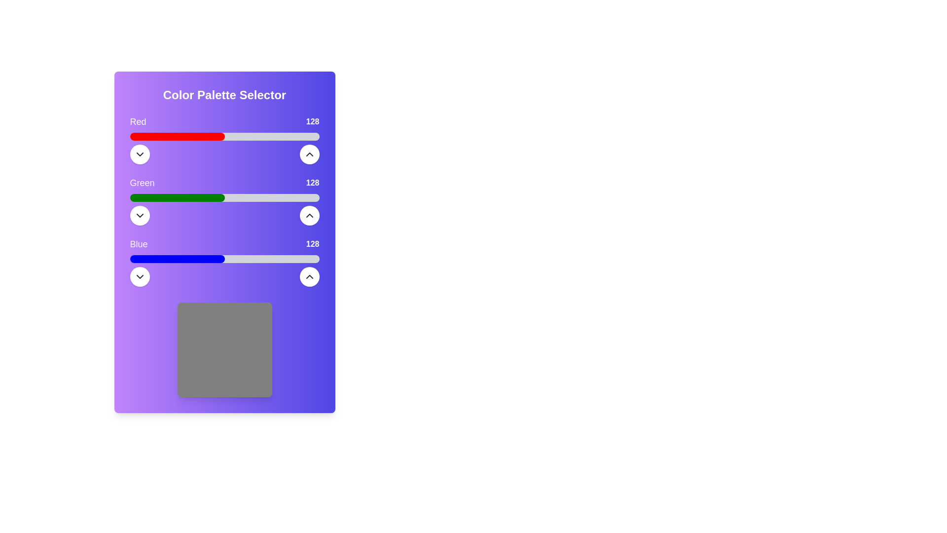 This screenshot has height=533, width=947. I want to click on the green component of the color, so click(297, 198).